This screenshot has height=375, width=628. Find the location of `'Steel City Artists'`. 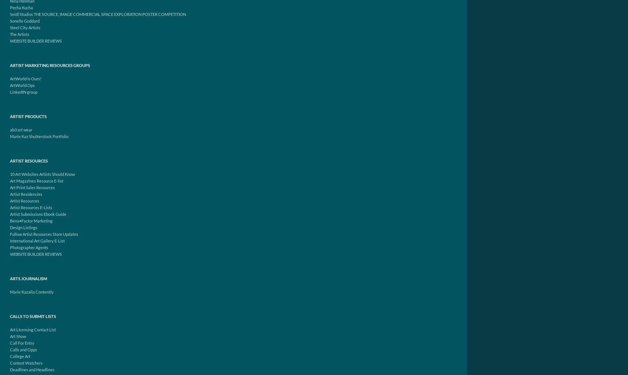

'Steel City Artists' is located at coordinates (24, 27).